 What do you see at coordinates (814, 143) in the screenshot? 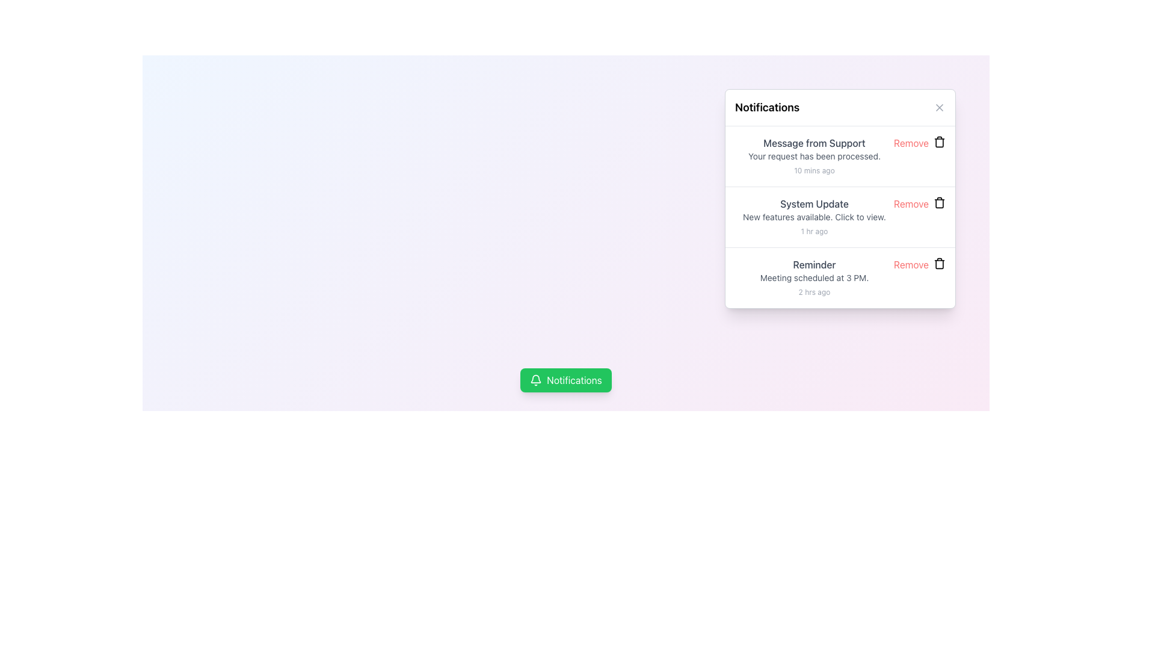
I see `the Text Label displaying 'Message from Support', which is a medium-weight font in dark gray color located at the top of the notification card` at bounding box center [814, 143].